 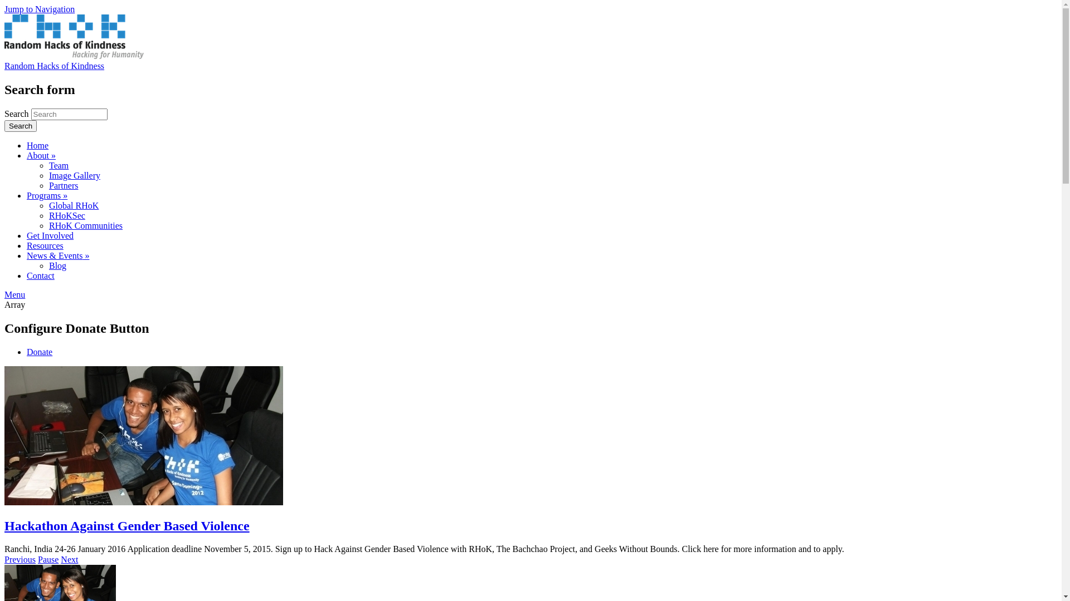 What do you see at coordinates (14, 294) in the screenshot?
I see `'Menu'` at bounding box center [14, 294].